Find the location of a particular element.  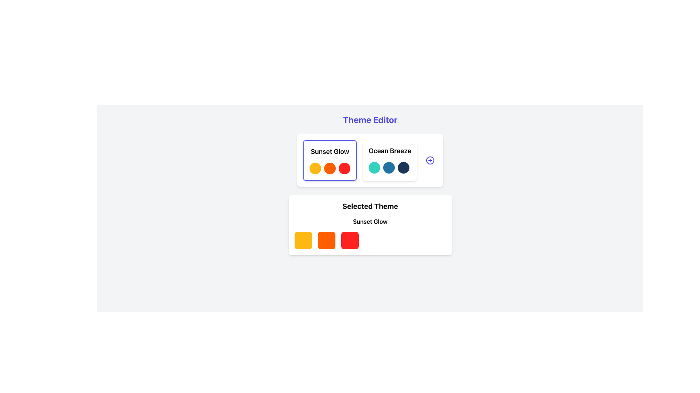

displayed text from the Information display panel, which visually presents the currently selected theme and its colors, located centrally below the 'Theme Editor' title is located at coordinates (370, 225).